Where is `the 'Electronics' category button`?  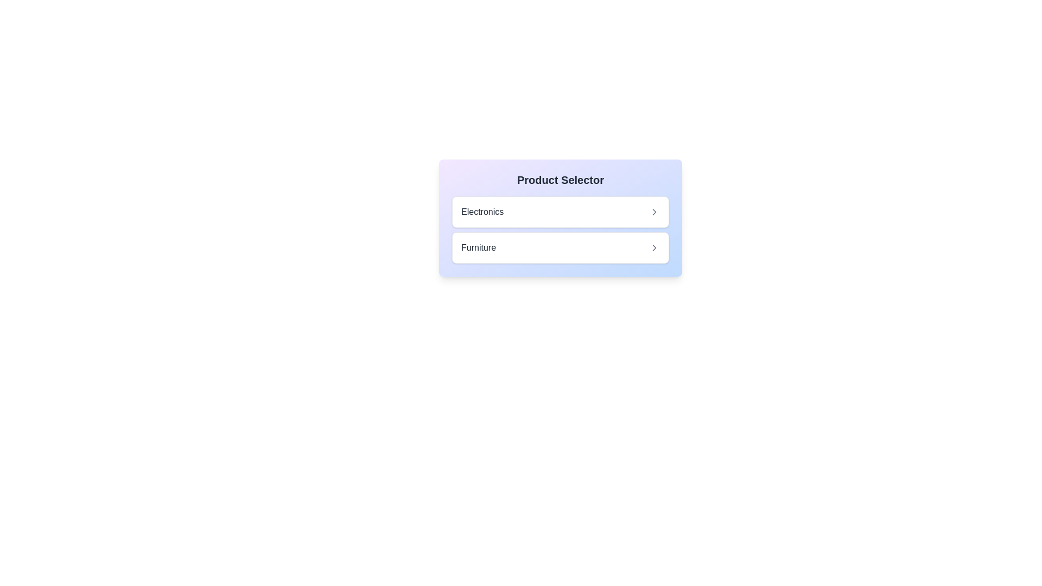 the 'Electronics' category button is located at coordinates (560, 212).